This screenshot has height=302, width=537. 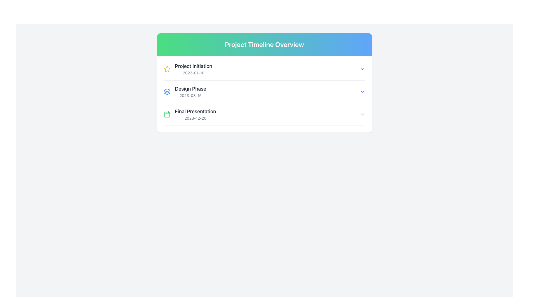 I want to click on the chevron icon located on the far-right side of the 'Final Presentation' entry, so click(x=362, y=114).